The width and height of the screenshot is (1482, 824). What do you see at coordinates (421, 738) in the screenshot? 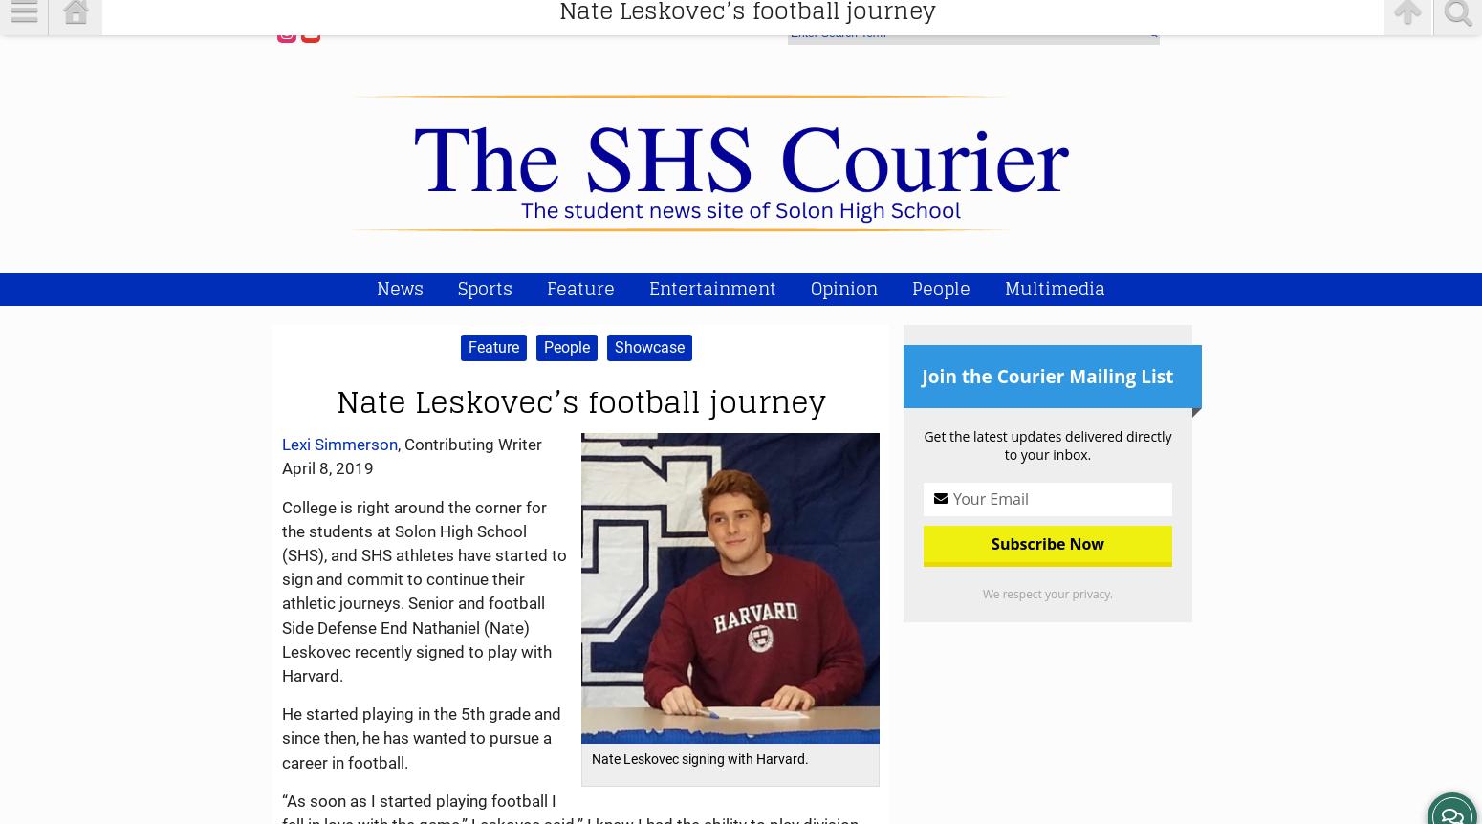
I see `'He started playing in the 5th grade and since then, he has wanted to pursue a career in football.'` at bounding box center [421, 738].